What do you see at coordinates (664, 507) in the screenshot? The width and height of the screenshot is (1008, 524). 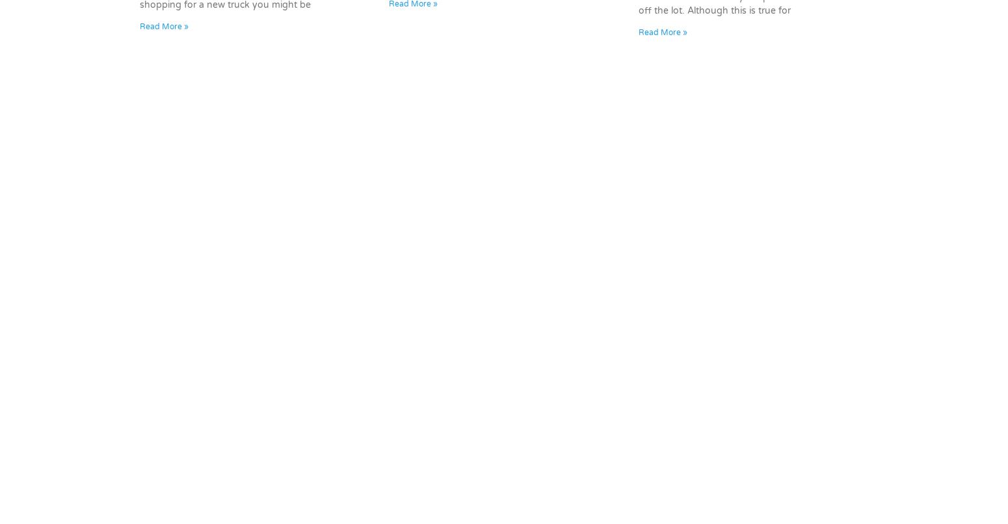 I see `'JAZELauto.com'` at bounding box center [664, 507].